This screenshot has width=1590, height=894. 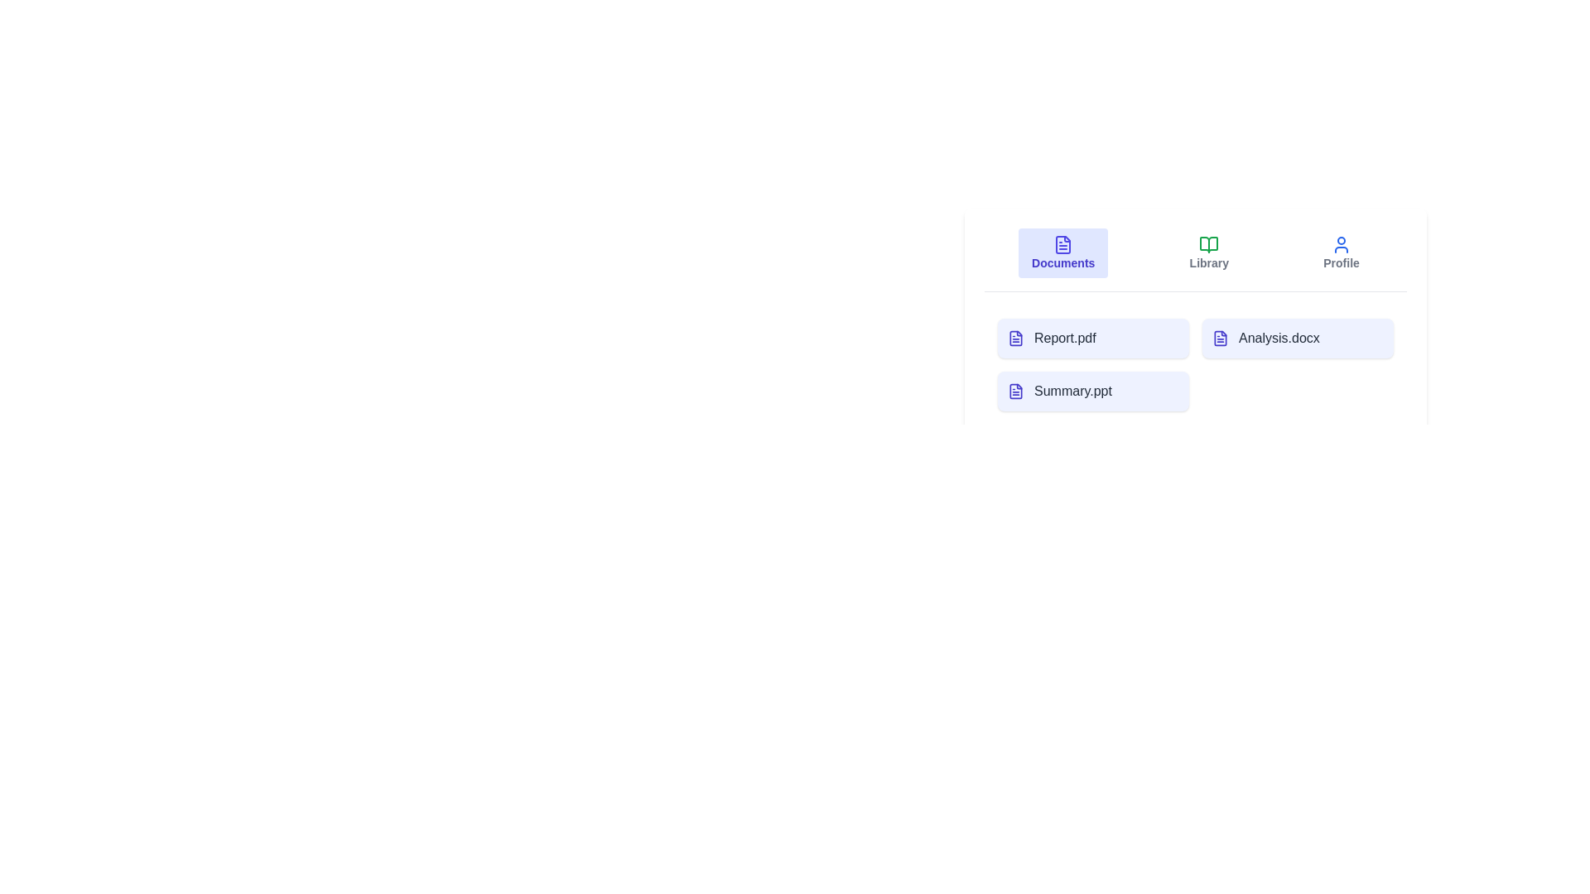 I want to click on the Profile tab to switch to the corresponding view, so click(x=1342, y=252).